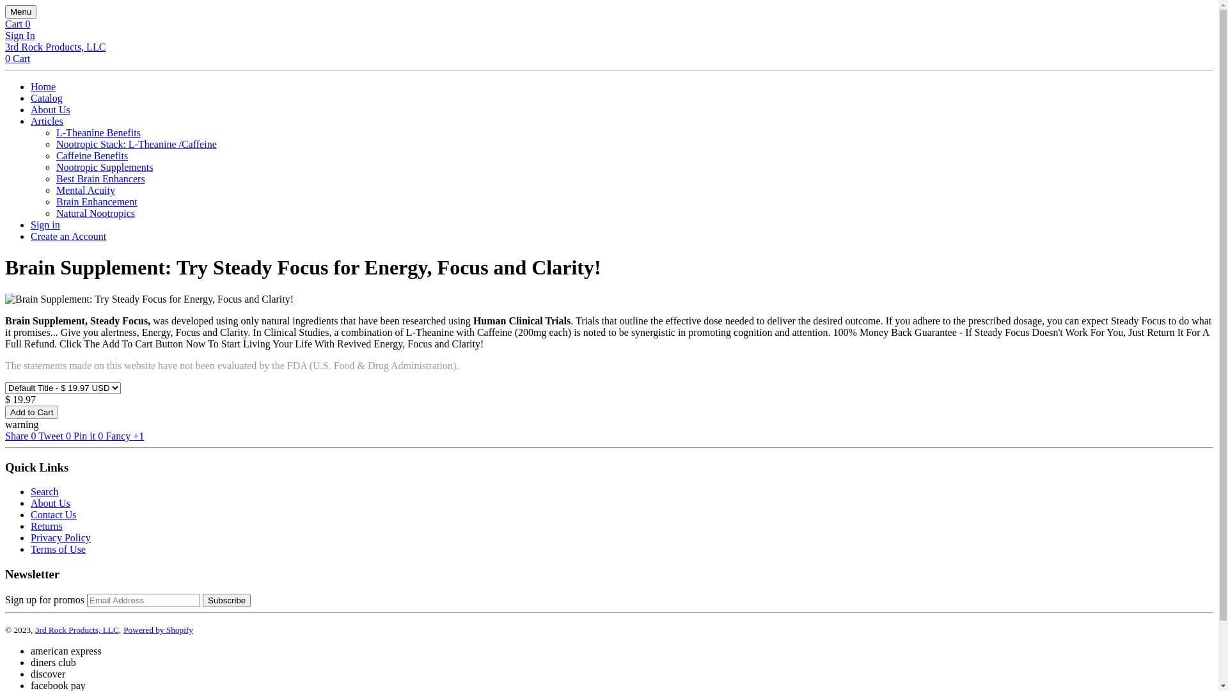 The image size is (1228, 691). Describe the element at coordinates (138, 435) in the screenshot. I see `'+1'` at that location.